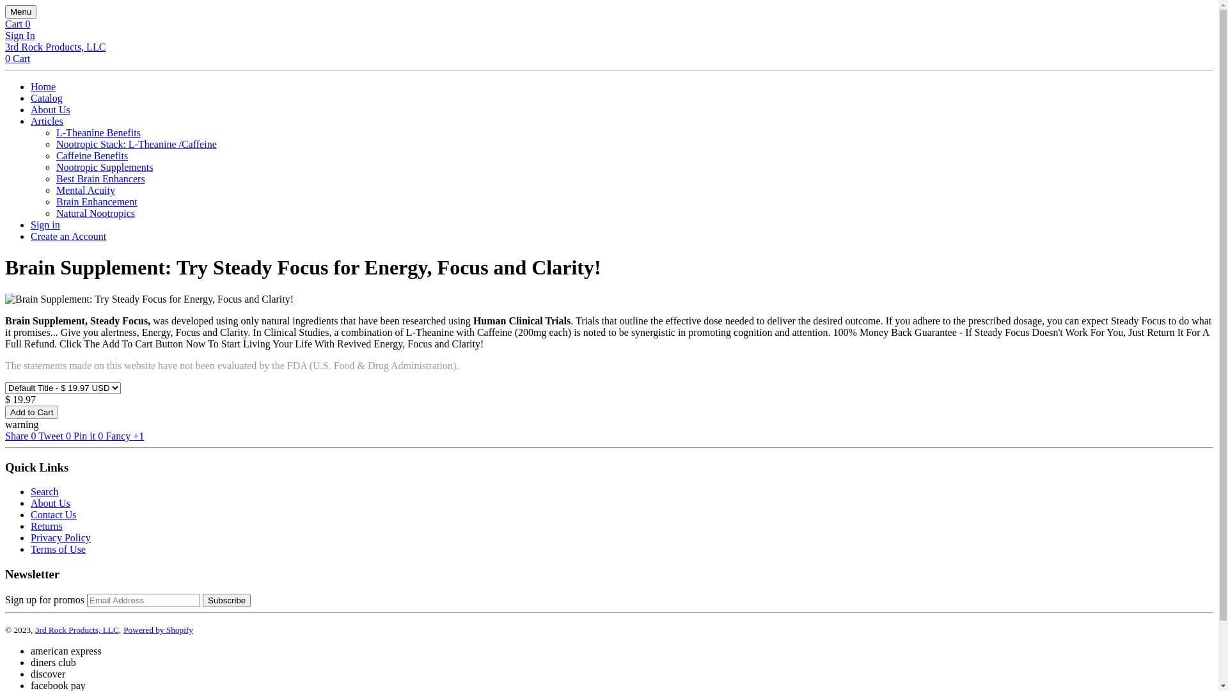 The image size is (1228, 691). Describe the element at coordinates (138, 435) in the screenshot. I see `'+1'` at that location.